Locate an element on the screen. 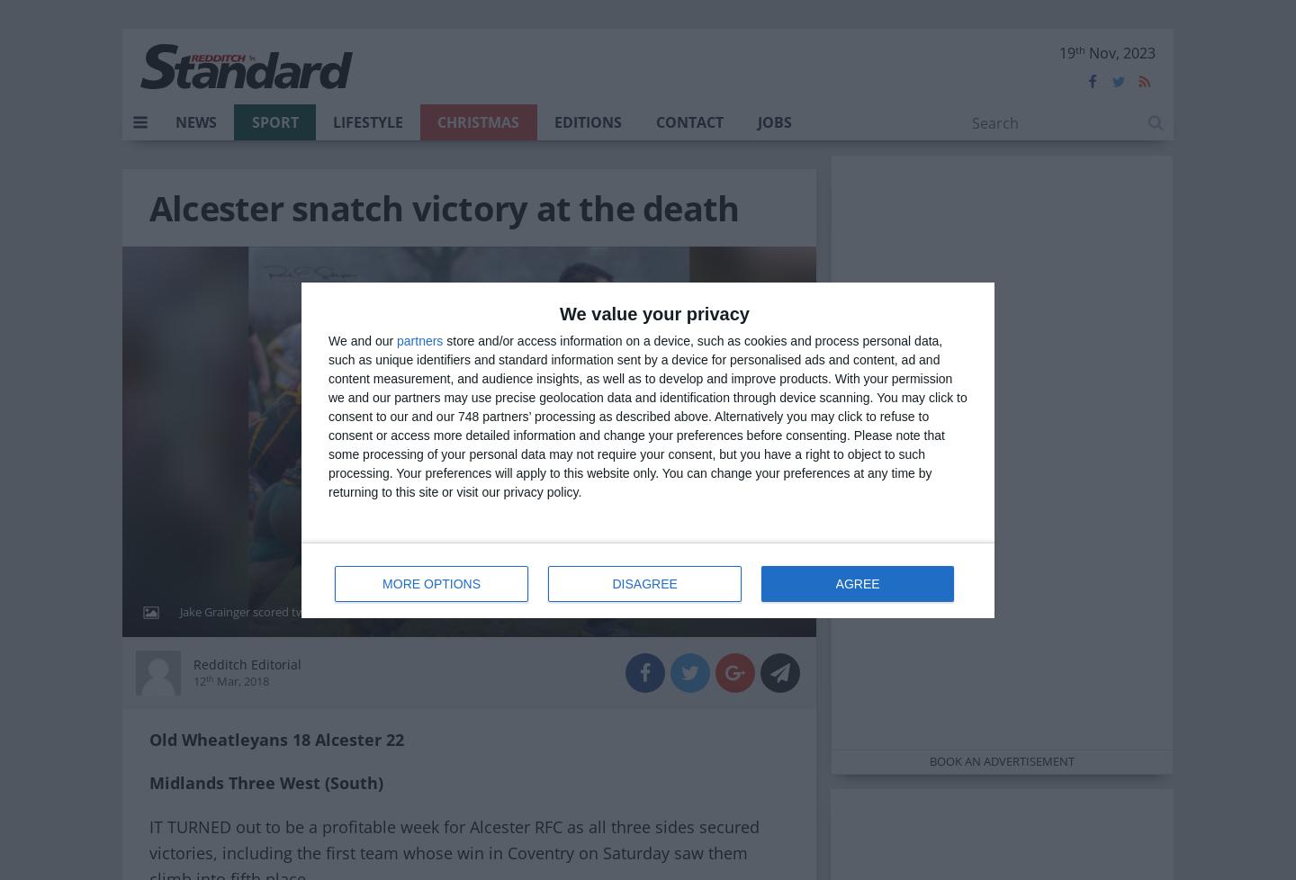  '19' is located at coordinates (1059, 52).